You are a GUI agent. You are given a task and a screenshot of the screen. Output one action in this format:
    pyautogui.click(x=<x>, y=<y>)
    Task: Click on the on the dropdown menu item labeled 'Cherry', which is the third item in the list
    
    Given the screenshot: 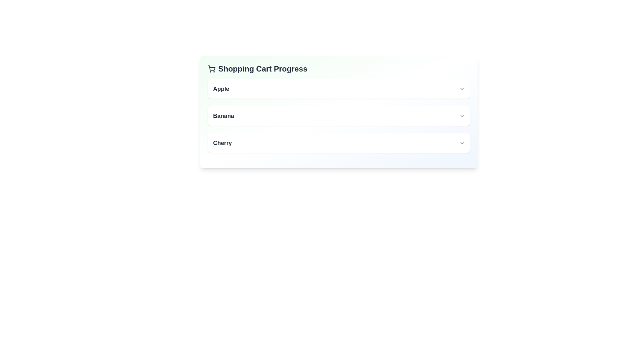 What is the action you would take?
    pyautogui.click(x=338, y=142)
    